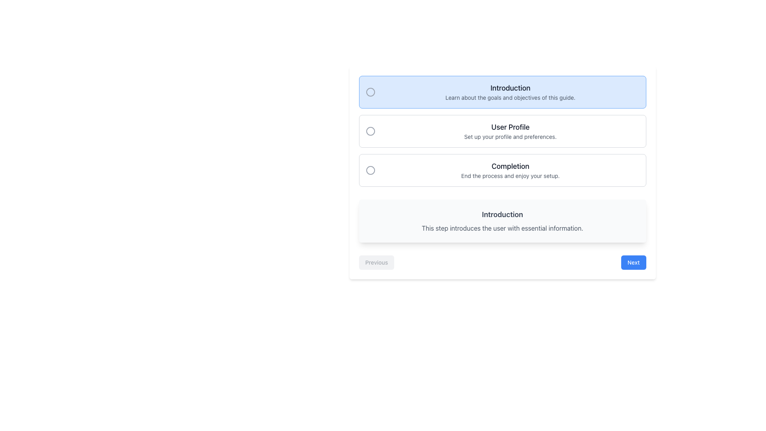  What do you see at coordinates (502, 92) in the screenshot?
I see `the descriptive panel titled 'Introduction', which has a light blue background and contains a subtitle about the guide's goals and objectives` at bounding box center [502, 92].